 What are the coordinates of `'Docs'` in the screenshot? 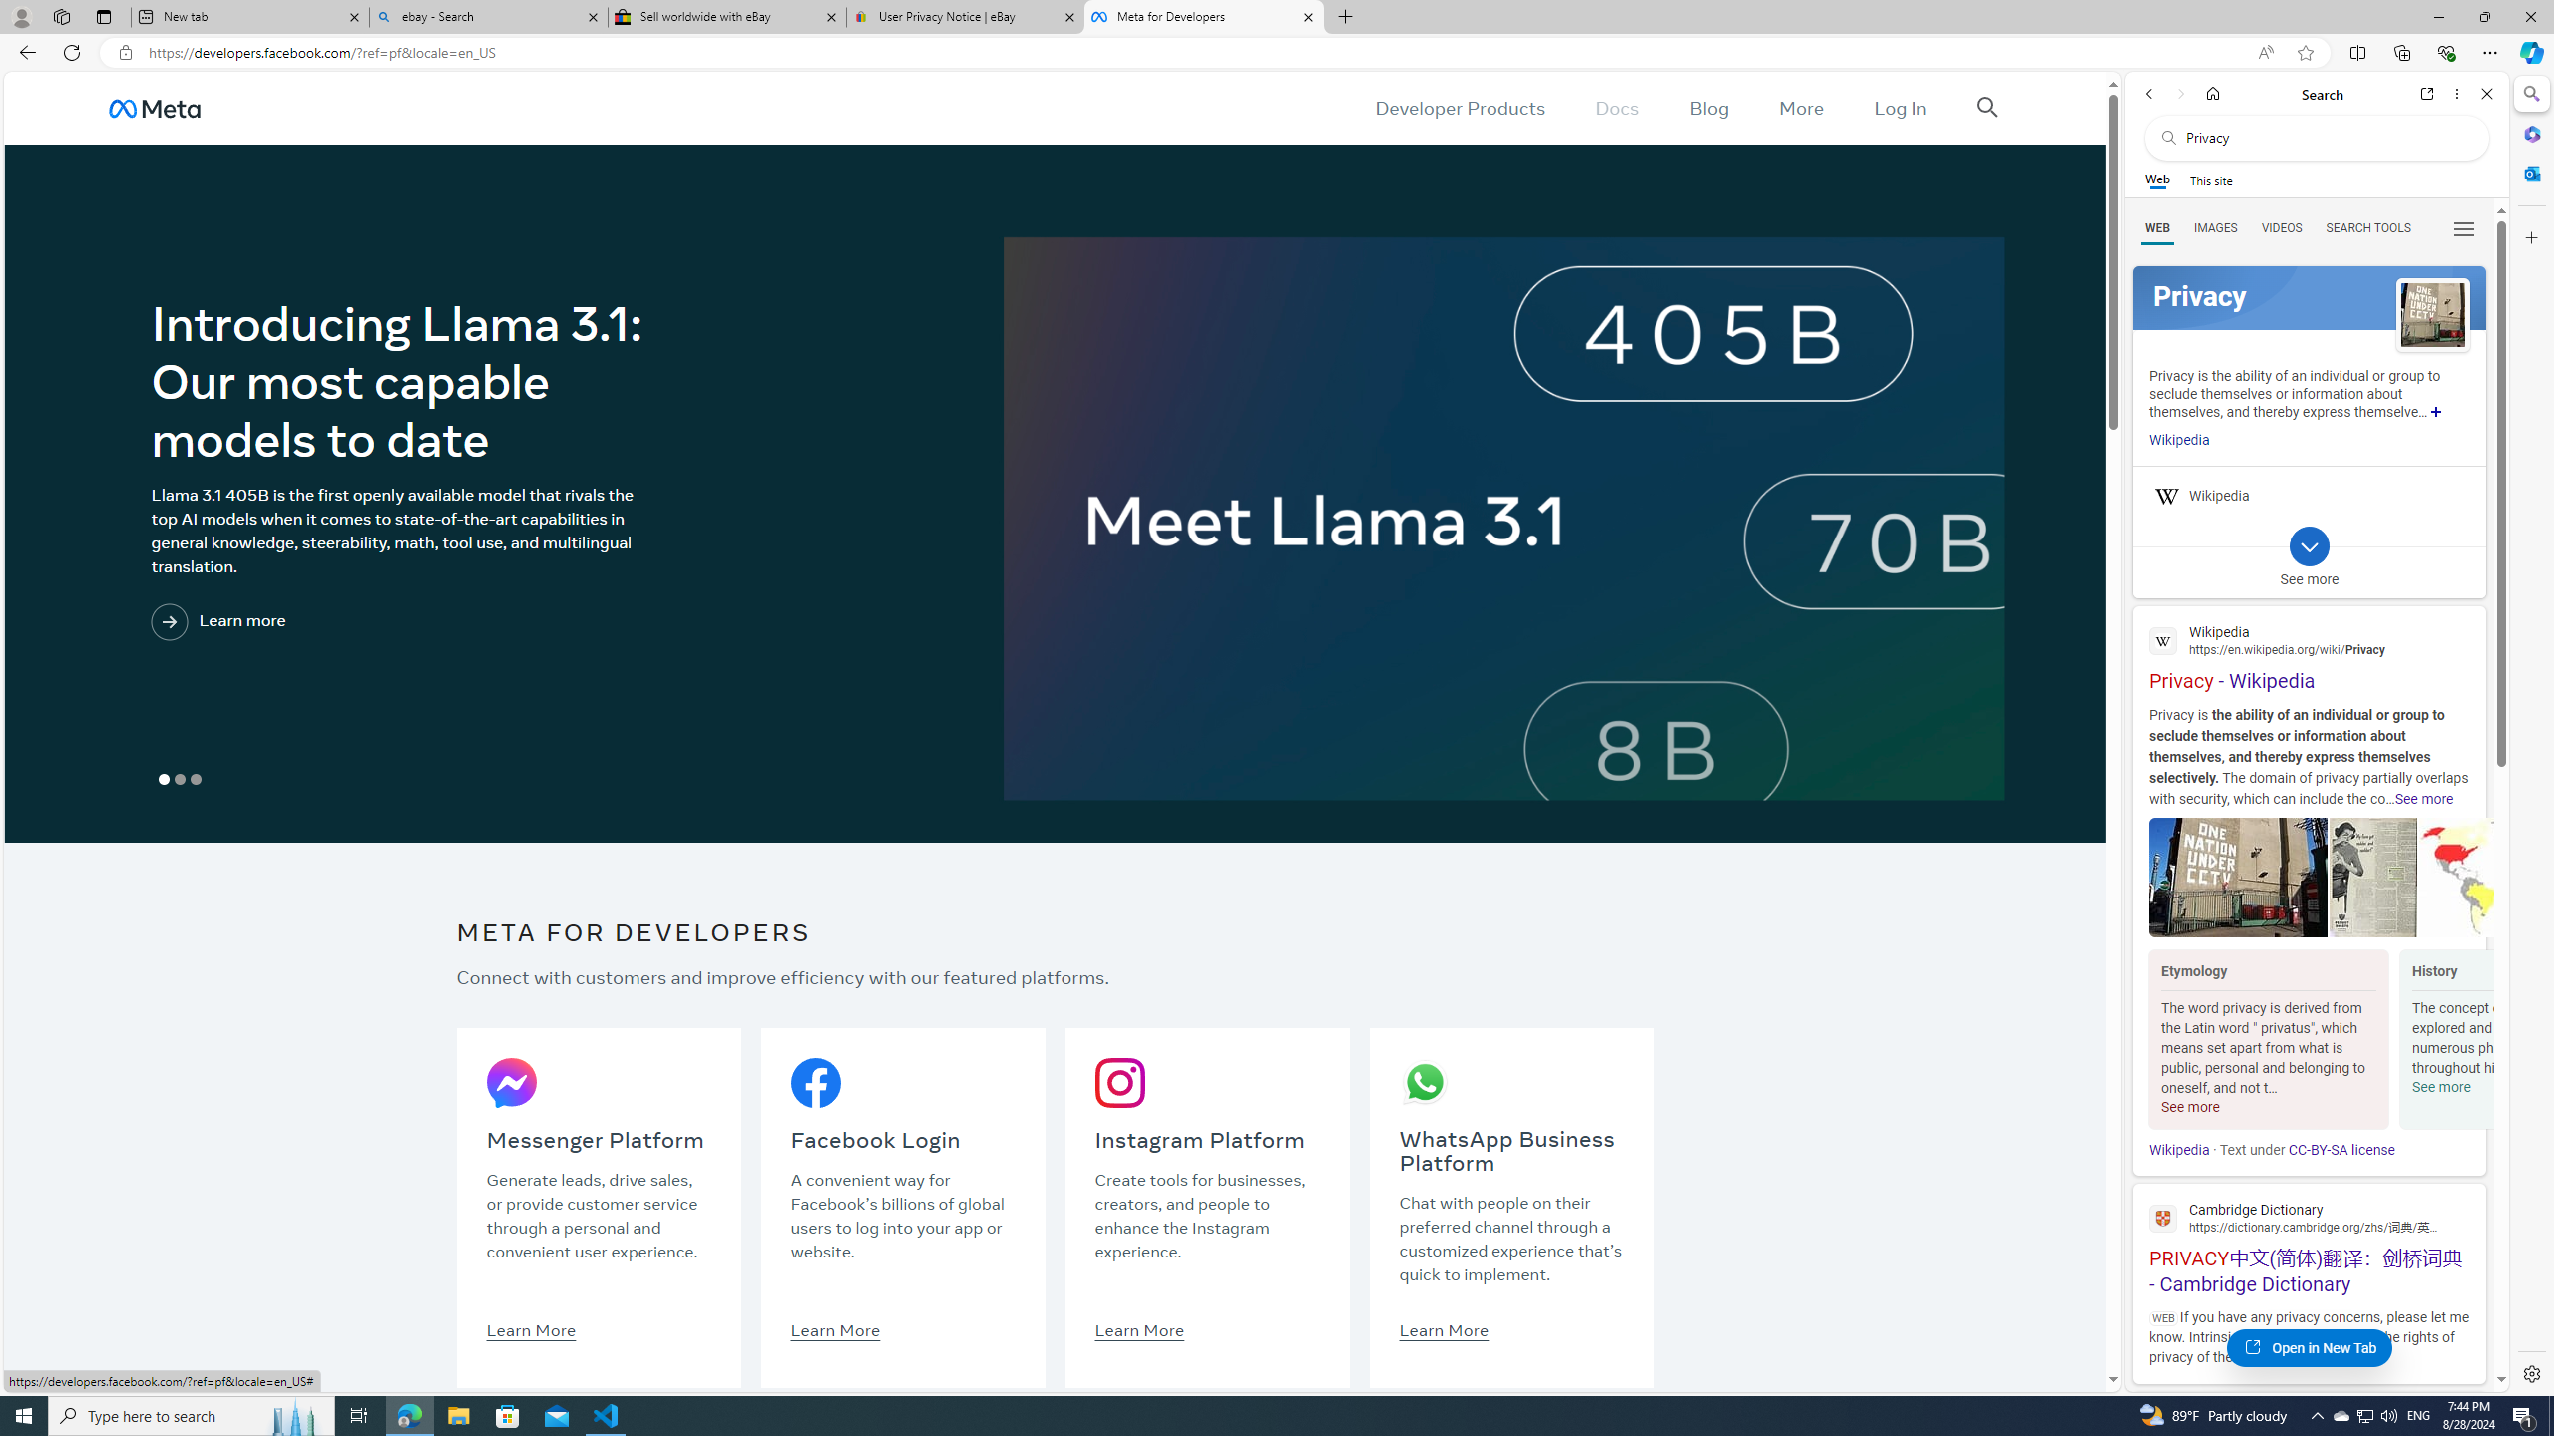 It's located at (1617, 107).